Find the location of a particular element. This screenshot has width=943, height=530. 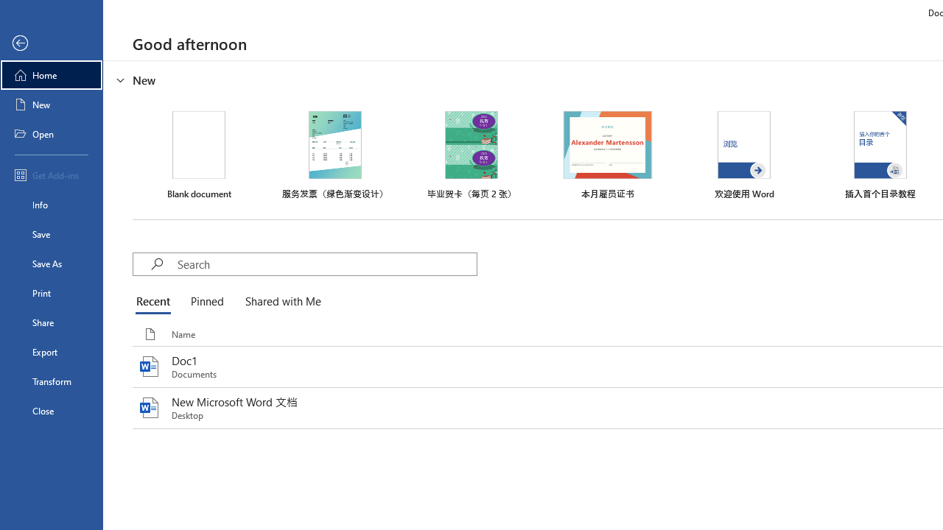

'Get Add-ins' is located at coordinates (51, 174).